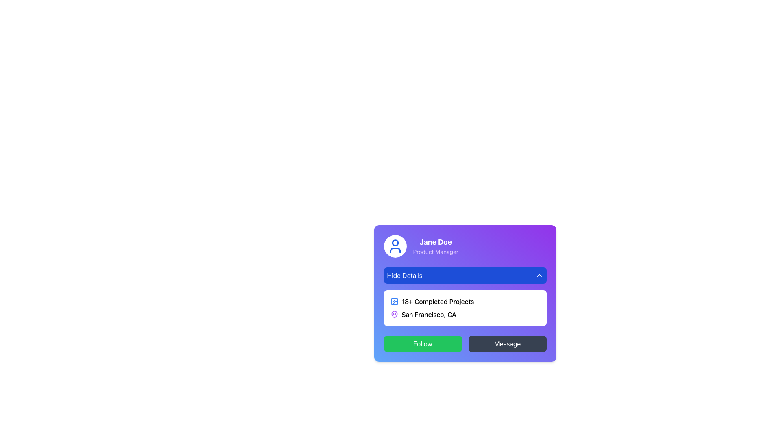  What do you see at coordinates (539, 275) in the screenshot?
I see `the upward-pointing chevron icon located within the 'Hide Details' button on the user card interface` at bounding box center [539, 275].